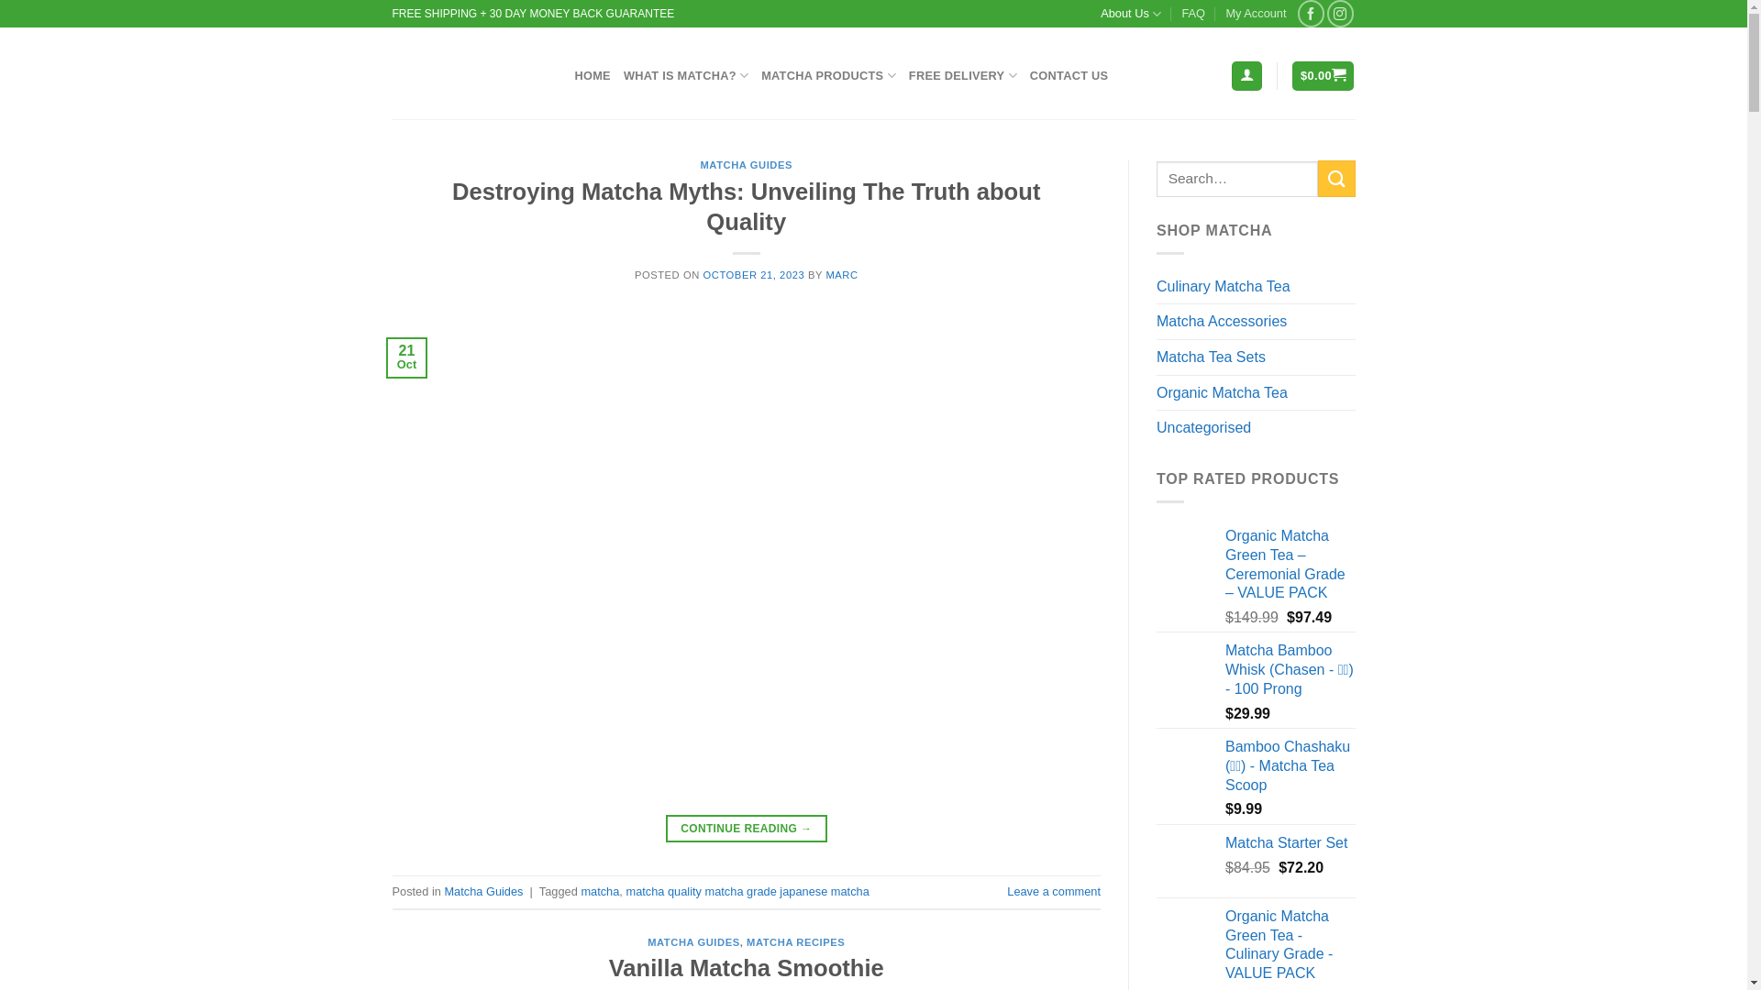  Describe the element at coordinates (0, 0) in the screenshot. I see `'Skip to content'` at that location.